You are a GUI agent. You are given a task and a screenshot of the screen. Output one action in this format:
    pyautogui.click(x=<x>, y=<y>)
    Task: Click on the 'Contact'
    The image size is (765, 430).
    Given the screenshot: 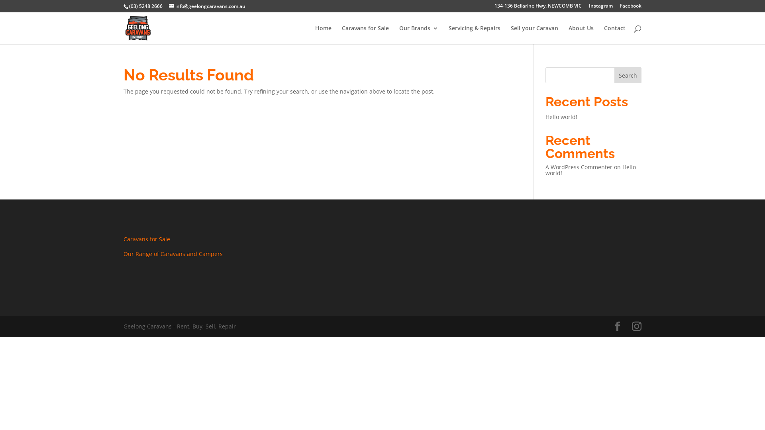 What is the action you would take?
    pyautogui.click(x=614, y=34)
    